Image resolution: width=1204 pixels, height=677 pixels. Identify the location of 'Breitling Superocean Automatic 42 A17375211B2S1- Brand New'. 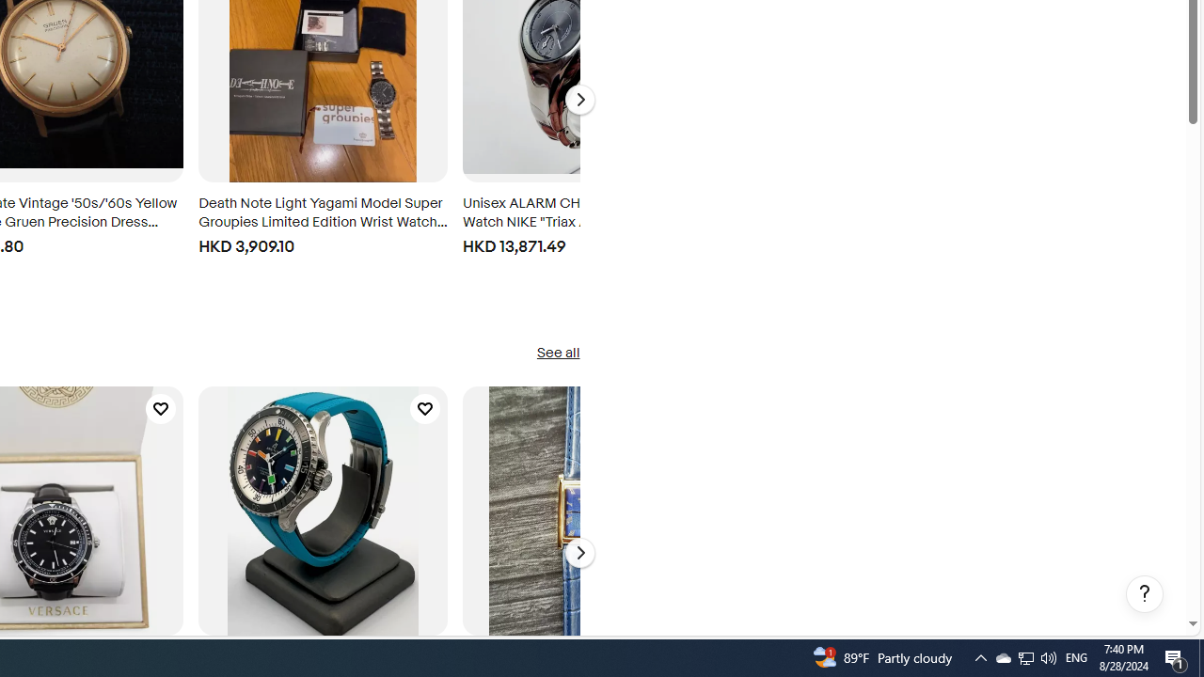
(323, 510).